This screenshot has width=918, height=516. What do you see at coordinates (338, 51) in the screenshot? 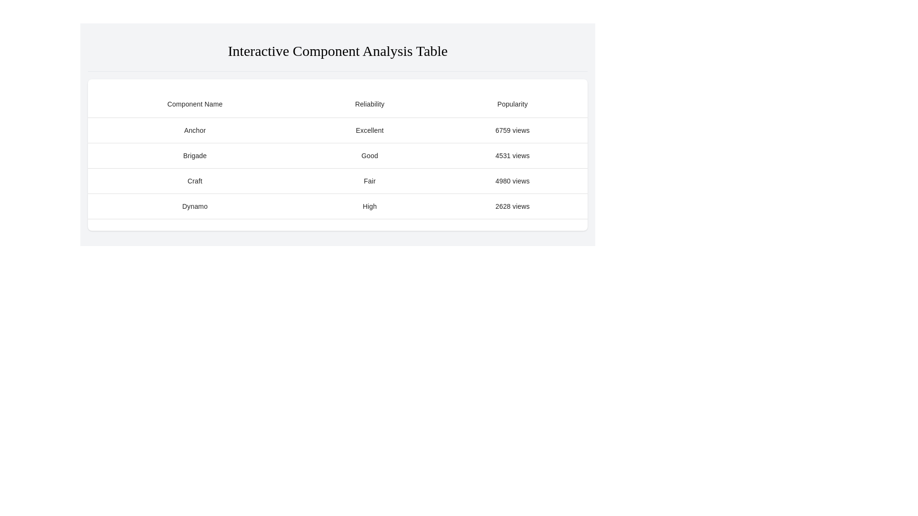
I see `the text of the title 'Interactive Component Analysis Table' located at the top of the interface, which is centered and distinct as the header of the section` at bounding box center [338, 51].